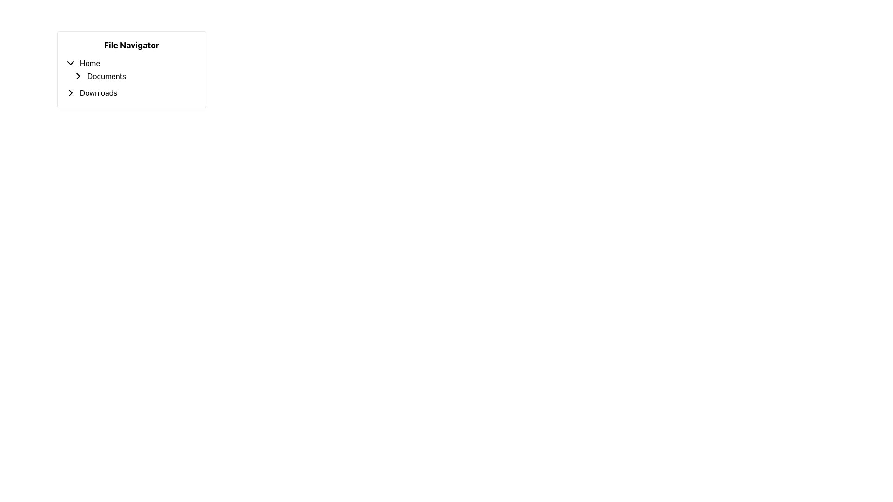 Image resolution: width=893 pixels, height=502 pixels. Describe the element at coordinates (131, 93) in the screenshot. I see `the third menu item in the file navigation interface` at that location.